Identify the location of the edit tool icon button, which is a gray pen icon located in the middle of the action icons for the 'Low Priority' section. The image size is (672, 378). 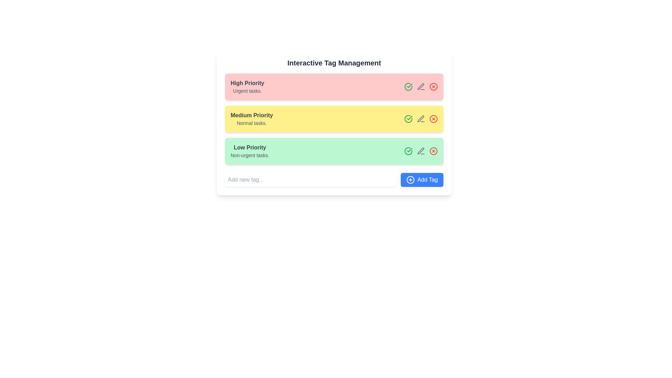
(421, 151).